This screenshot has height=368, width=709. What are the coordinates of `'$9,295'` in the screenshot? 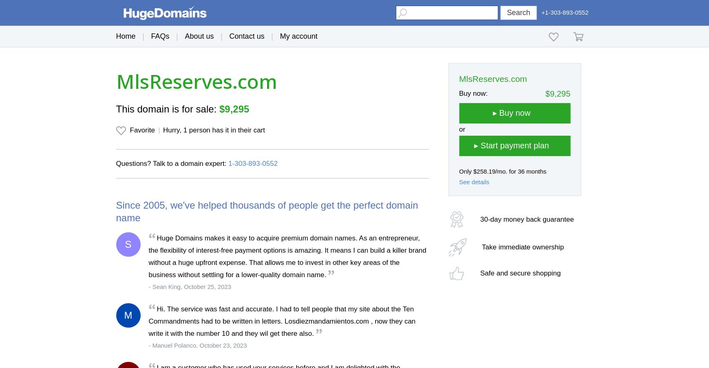 It's located at (234, 108).